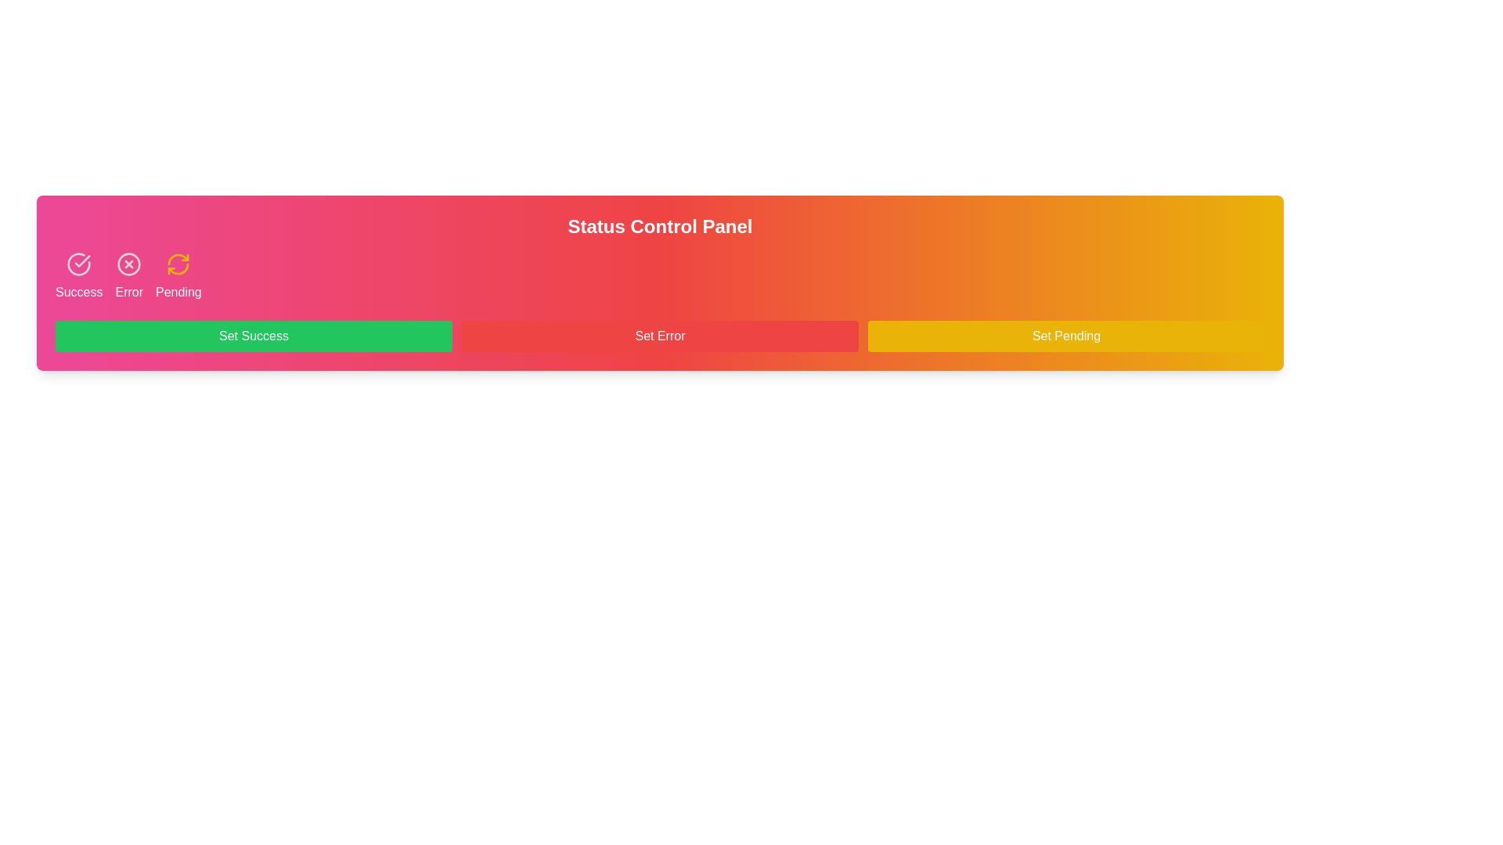 The image size is (1503, 845). I want to click on the Informational Status Indicator that signifies the 'Pending' status, located in the top-center section of the interface, between 'Error' and other status elements, so click(178, 276).